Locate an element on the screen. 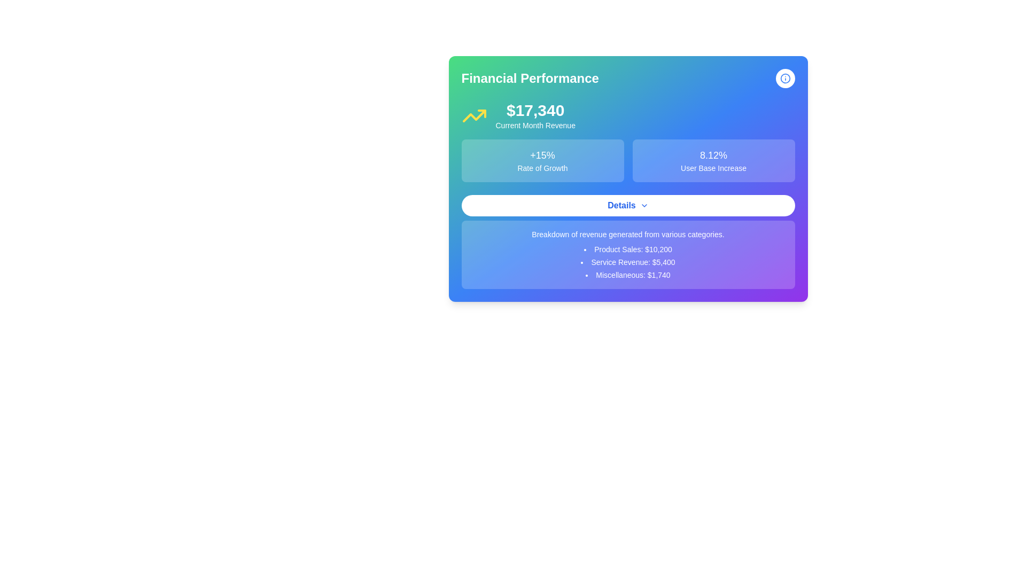 The width and height of the screenshot is (1026, 577). the text label presenting the revenue generated from product sales, which is the first item in a list under the 'Breakdown of revenue generated from various categories' section on the card labeled 'Financial Performance' is located at coordinates (628, 249).